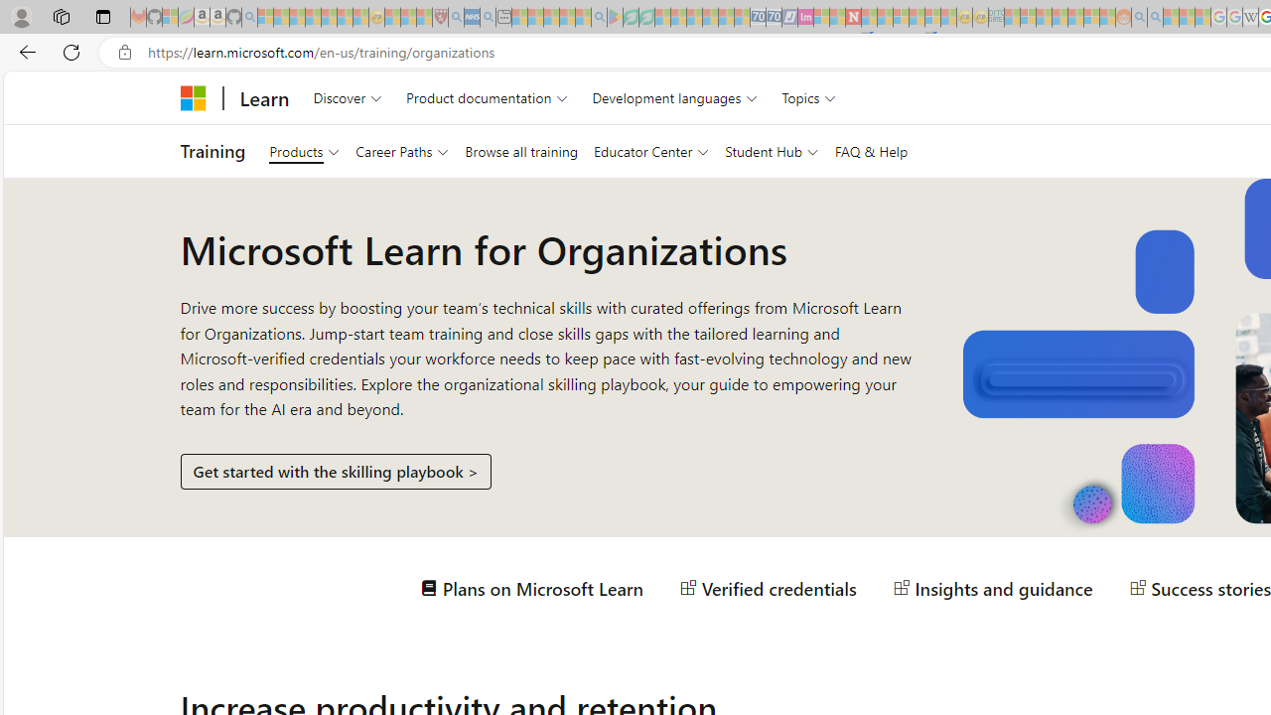  Describe the element at coordinates (674, 97) in the screenshot. I see `'Development languages'` at that location.